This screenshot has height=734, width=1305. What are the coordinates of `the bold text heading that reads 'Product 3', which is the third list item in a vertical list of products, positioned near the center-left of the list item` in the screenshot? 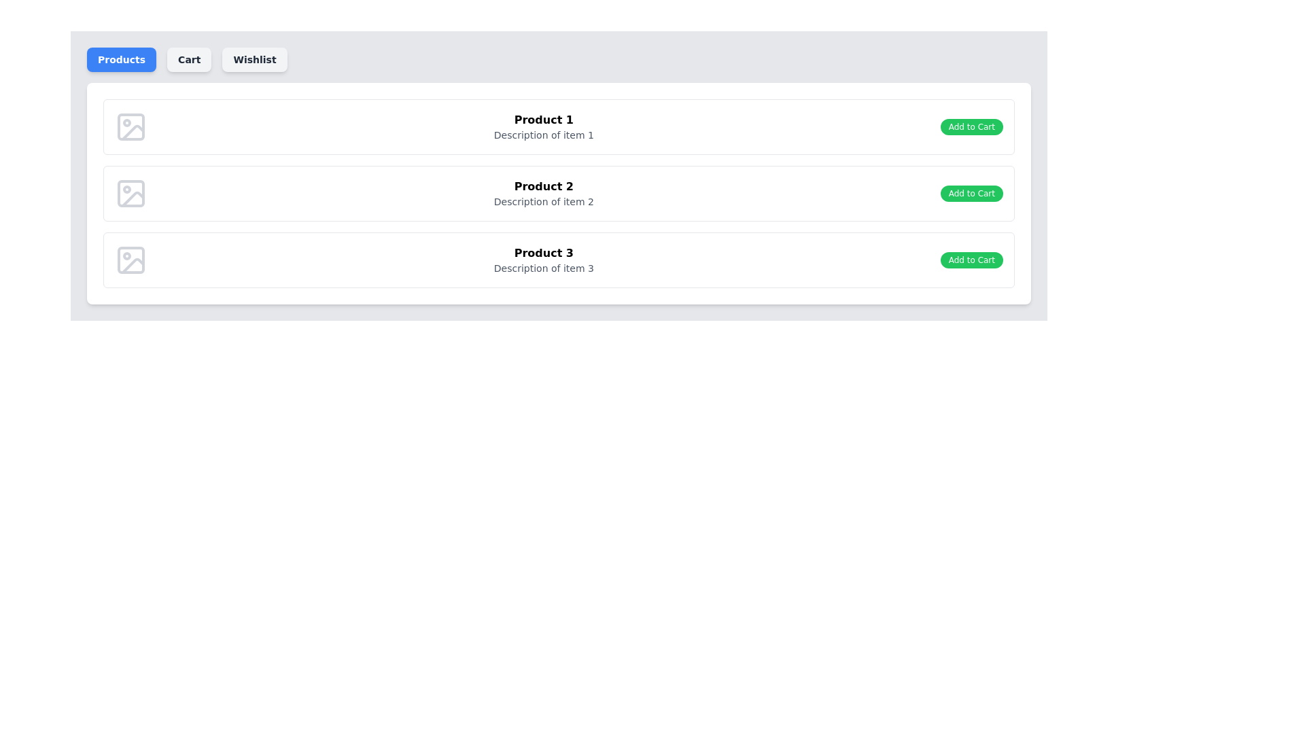 It's located at (544, 254).